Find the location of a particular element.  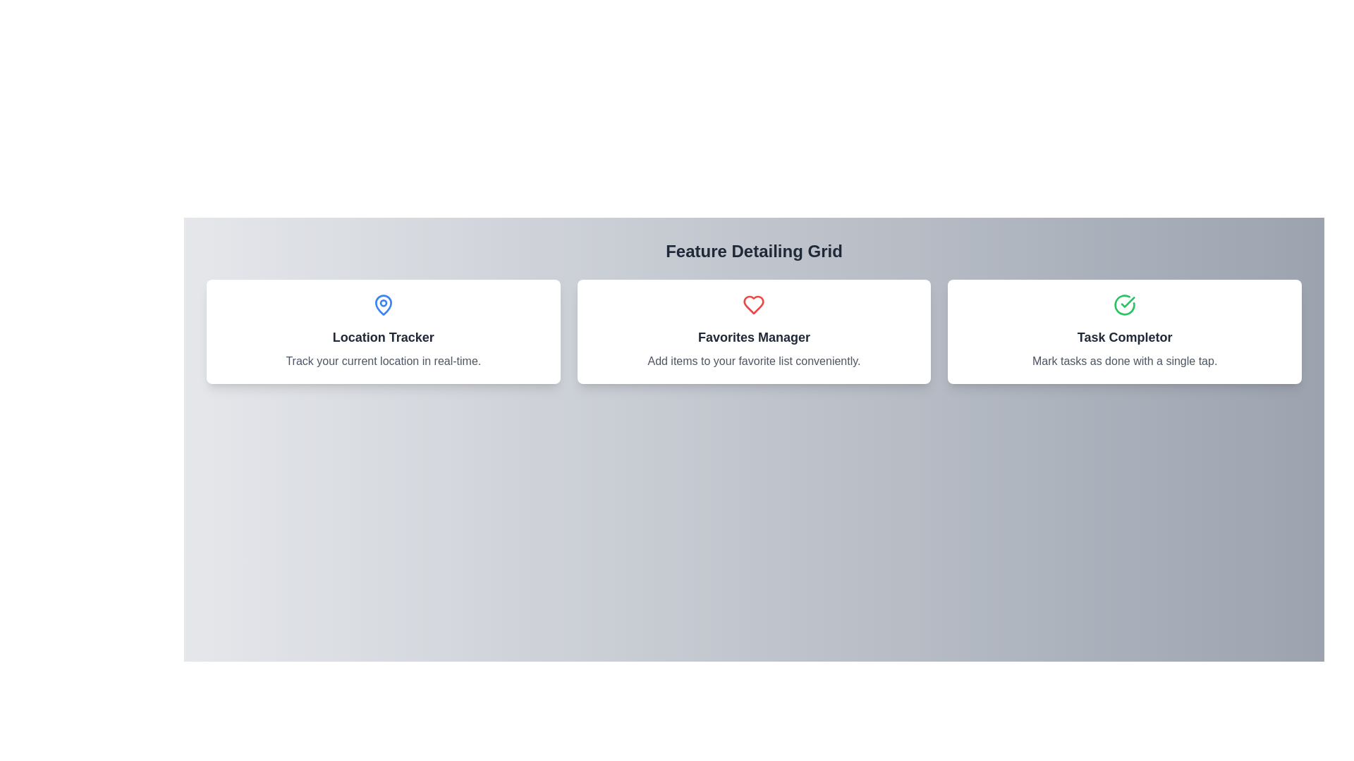

the first card in the grid labeled 'Location Tracker' to interact with the feature is located at coordinates (383, 331).